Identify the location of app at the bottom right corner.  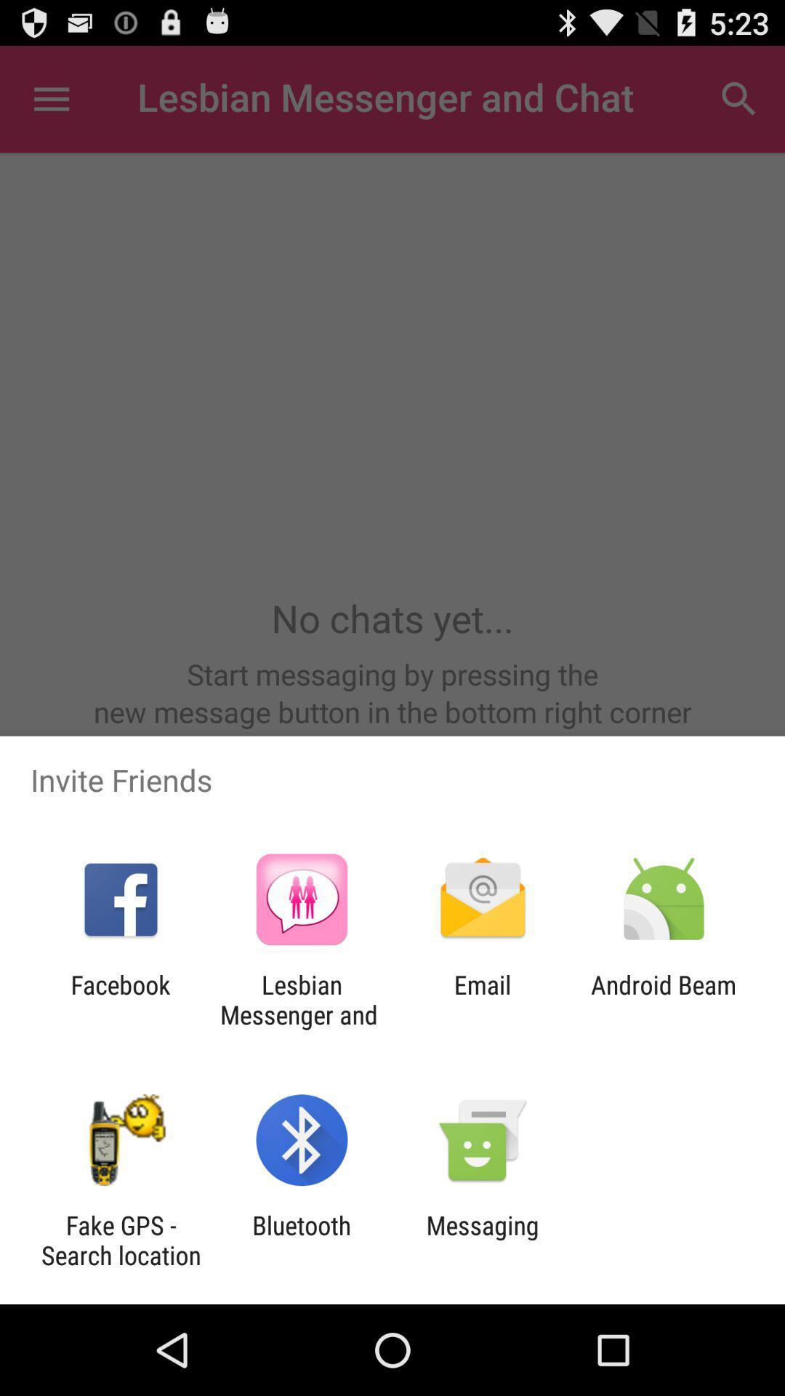
(664, 999).